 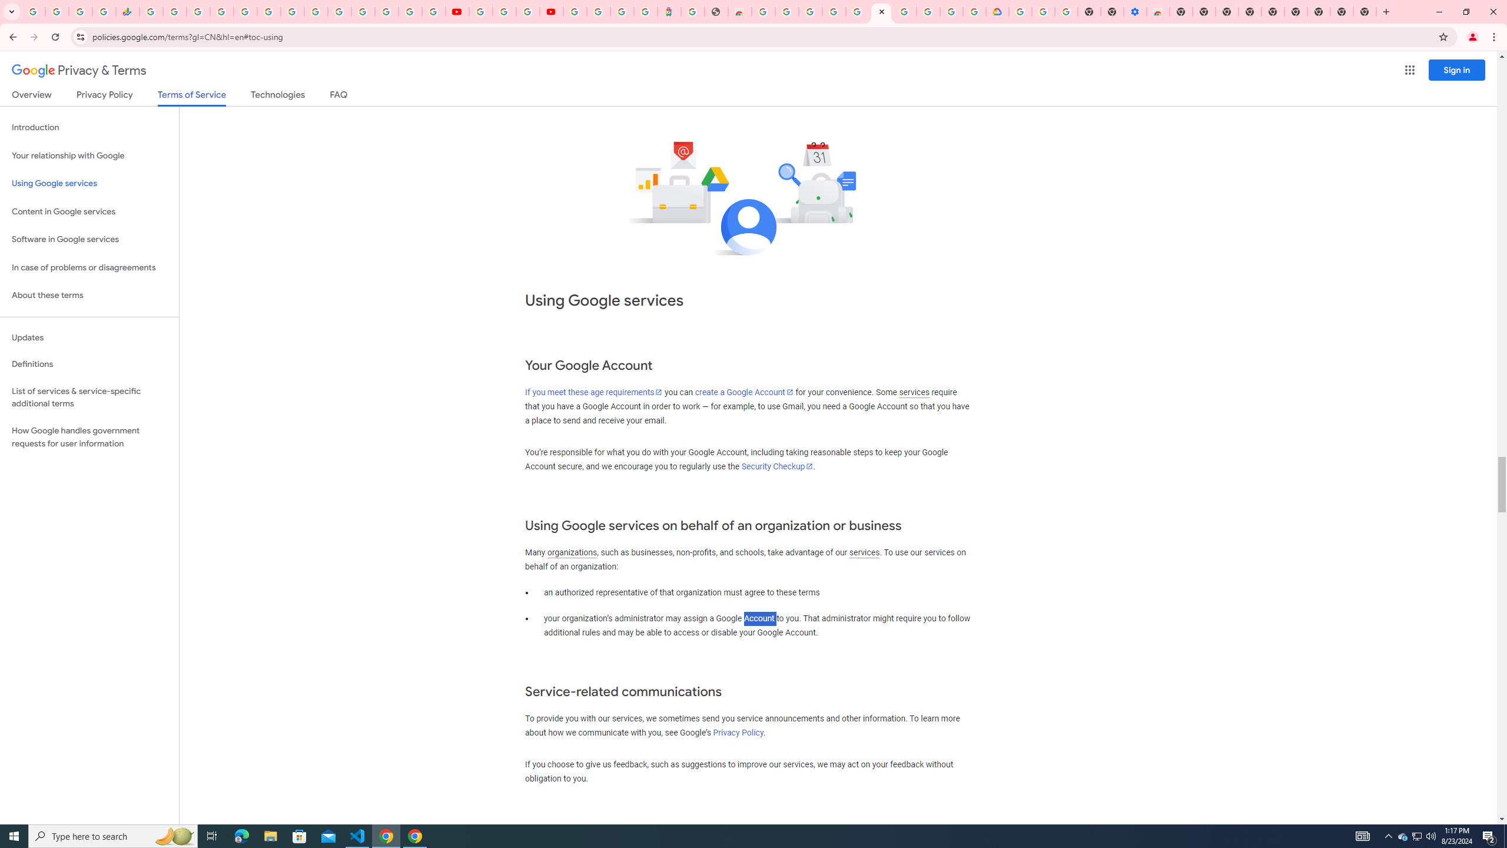 I want to click on 'Privacy Policy', so click(x=738, y=733).